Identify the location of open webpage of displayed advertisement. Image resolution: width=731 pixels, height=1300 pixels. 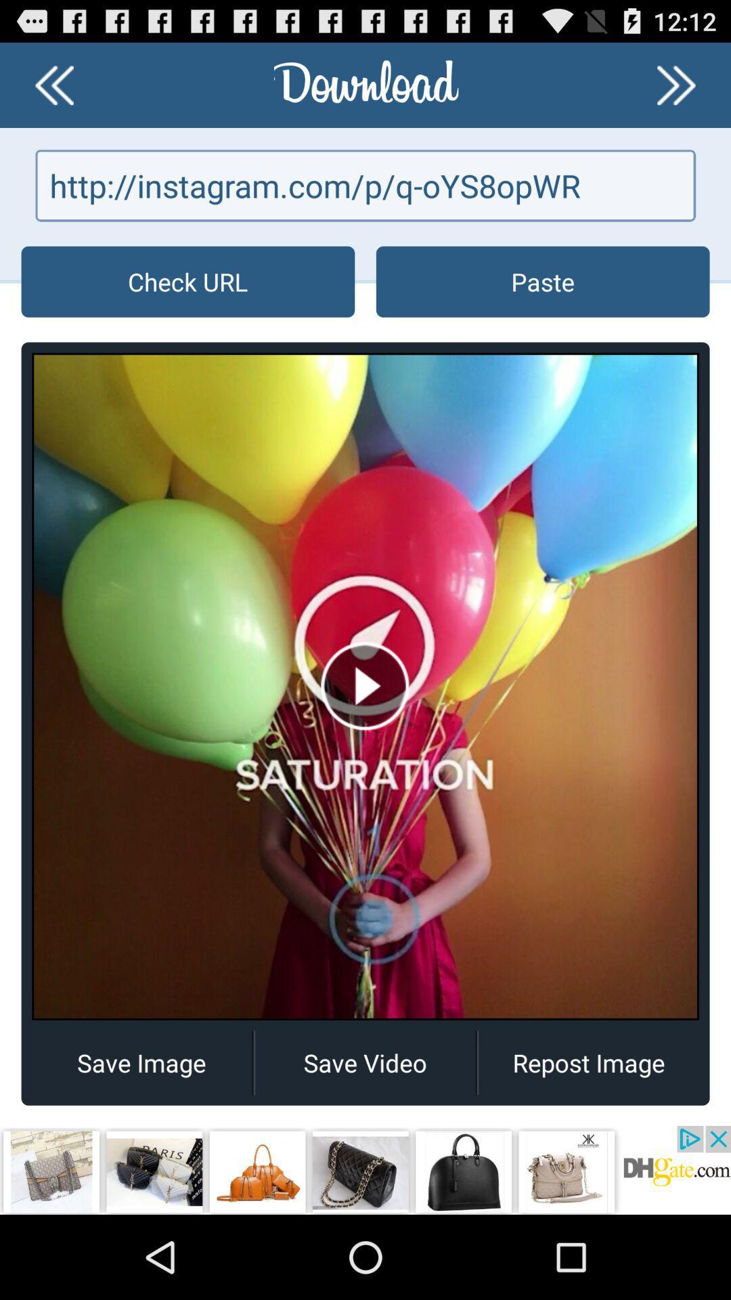
(365, 1169).